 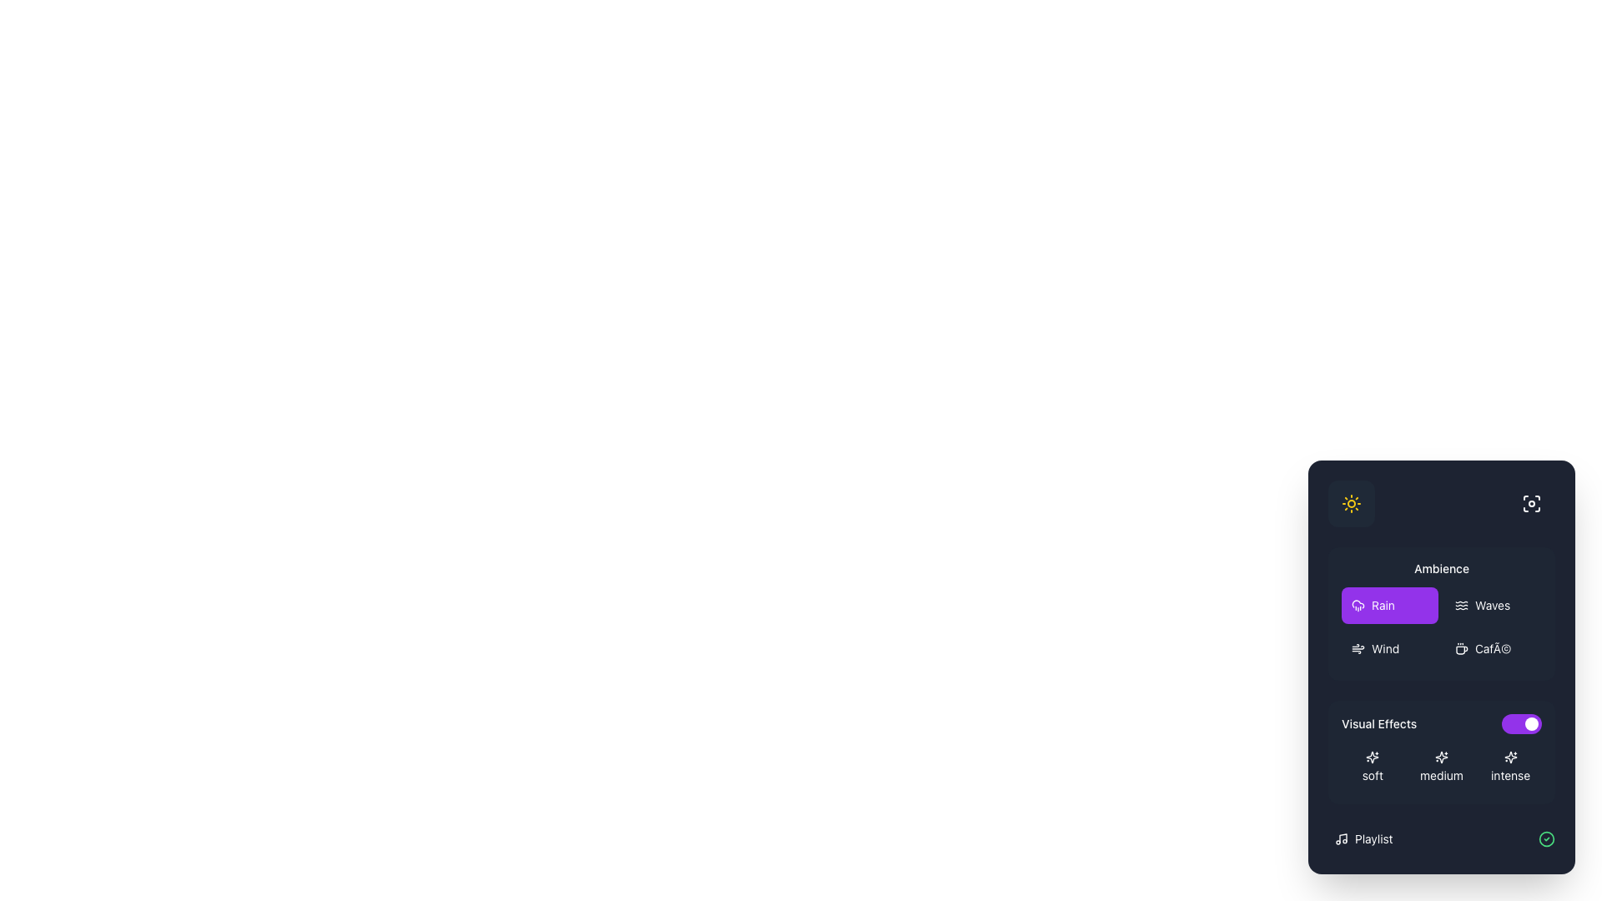 I want to click on the fourth button in the 'Ambience' section of the interface, so click(x=1494, y=648).